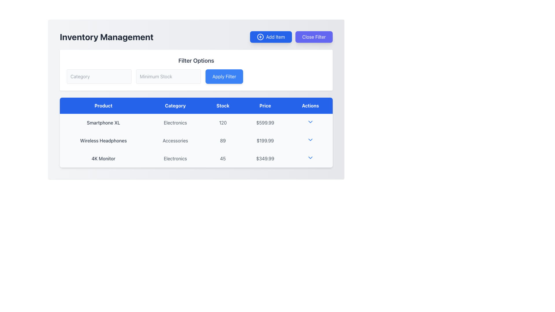 The height and width of the screenshot is (312, 555). What do you see at coordinates (310, 158) in the screenshot?
I see `the downward-facing arrow icon` at bounding box center [310, 158].